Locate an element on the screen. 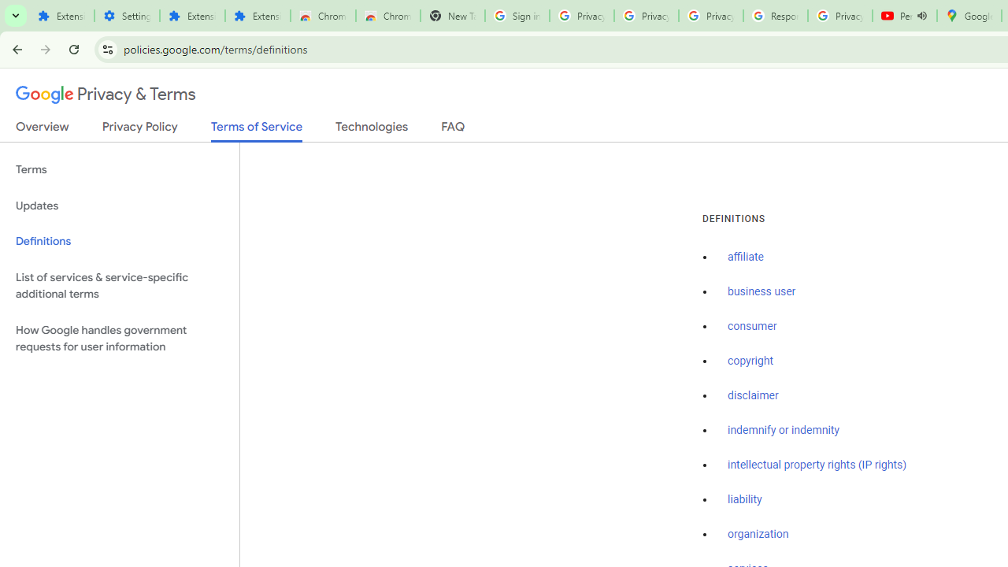  'Settings' is located at coordinates (127, 16).